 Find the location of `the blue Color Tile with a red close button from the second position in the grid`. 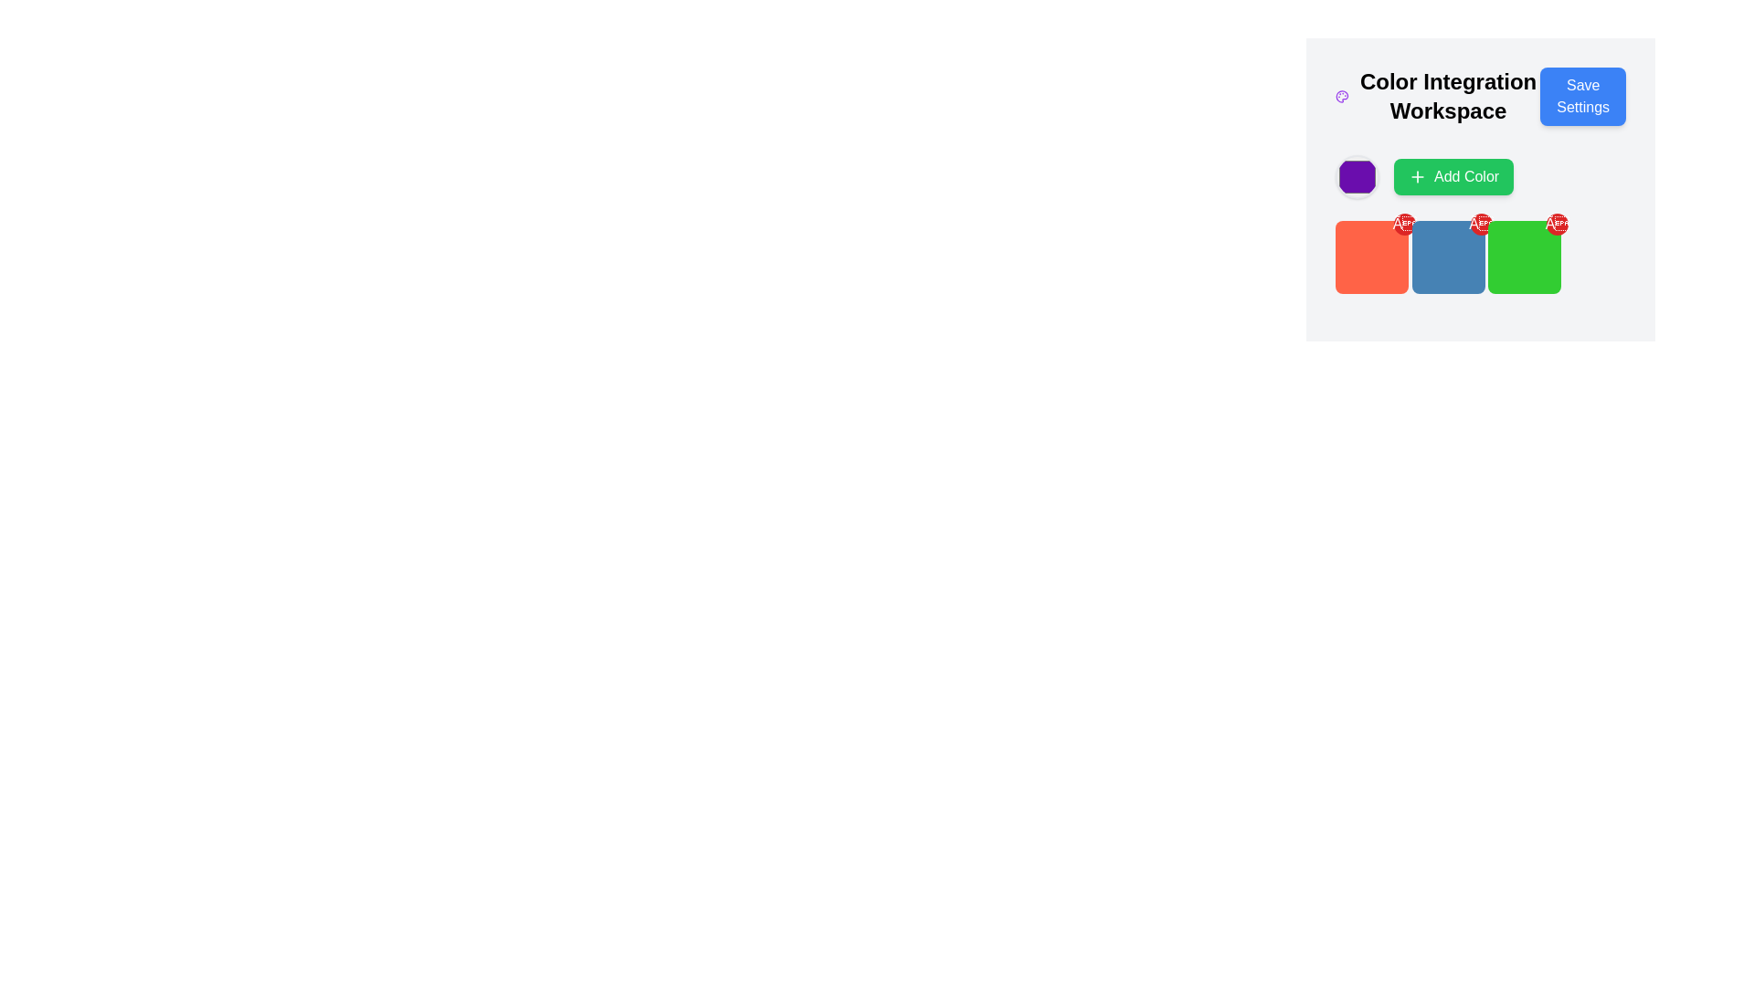

the blue Color Tile with a red close button from the second position in the grid is located at coordinates (1481, 257).